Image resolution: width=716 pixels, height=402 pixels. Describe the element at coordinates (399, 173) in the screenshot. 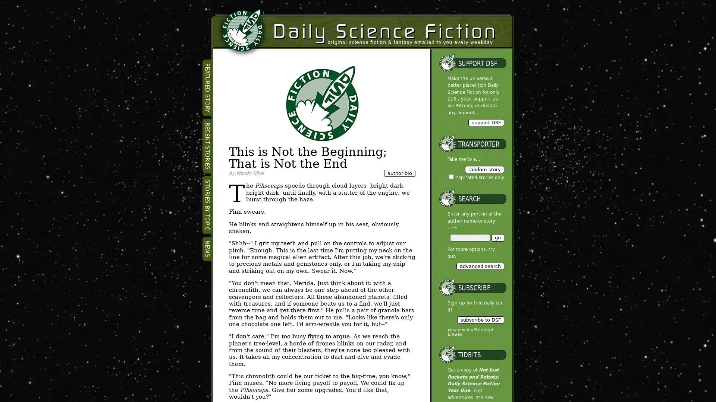

I see `author bio` at that location.